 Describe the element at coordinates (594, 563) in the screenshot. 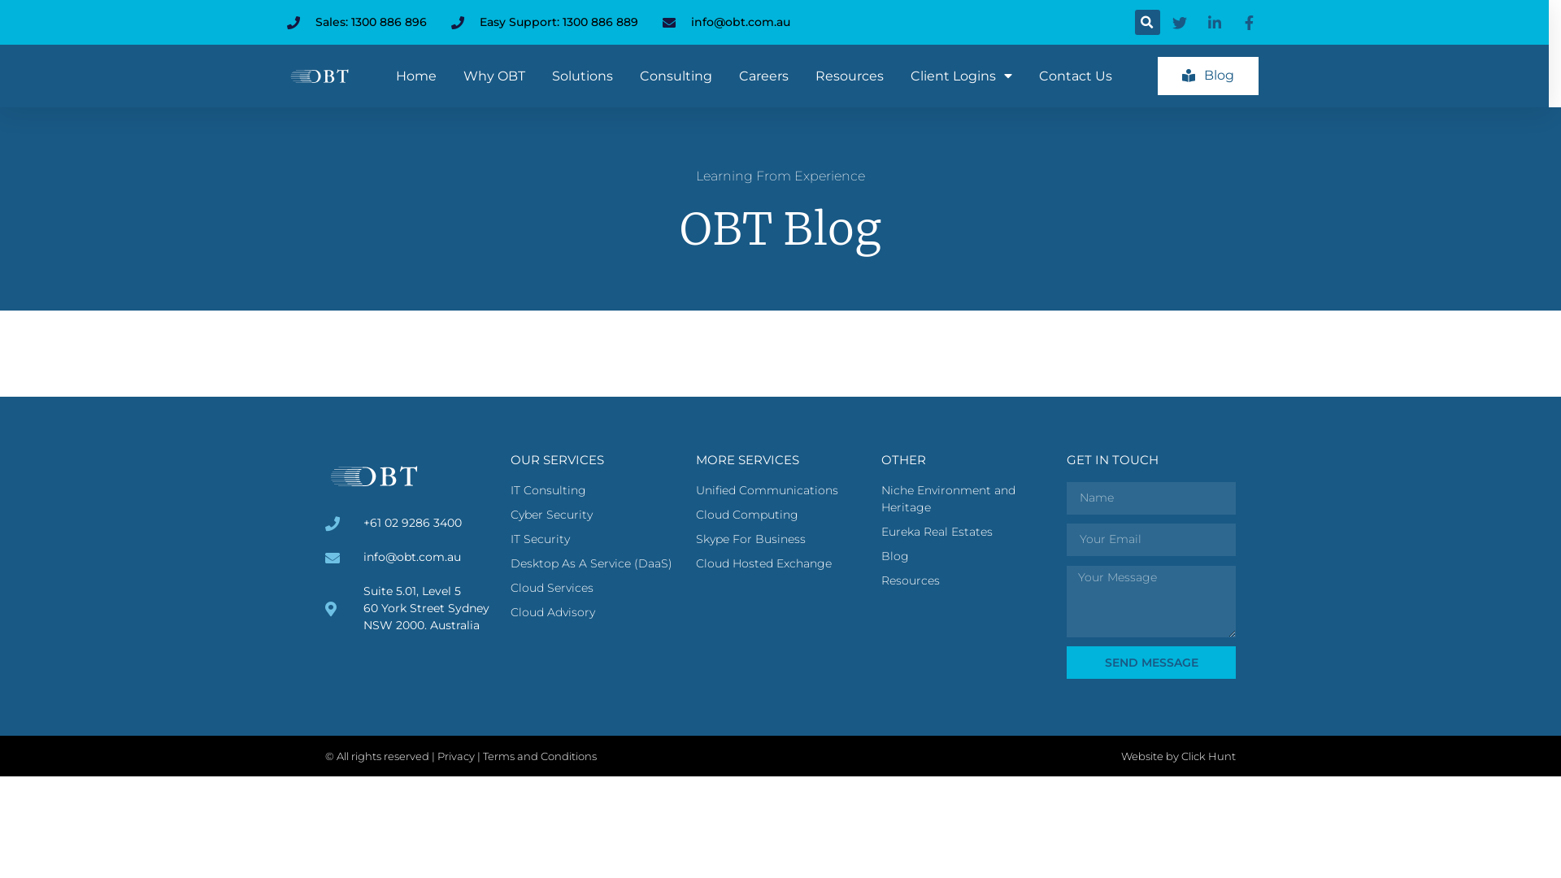

I see `'Desktop As A Service (DaaS)'` at that location.